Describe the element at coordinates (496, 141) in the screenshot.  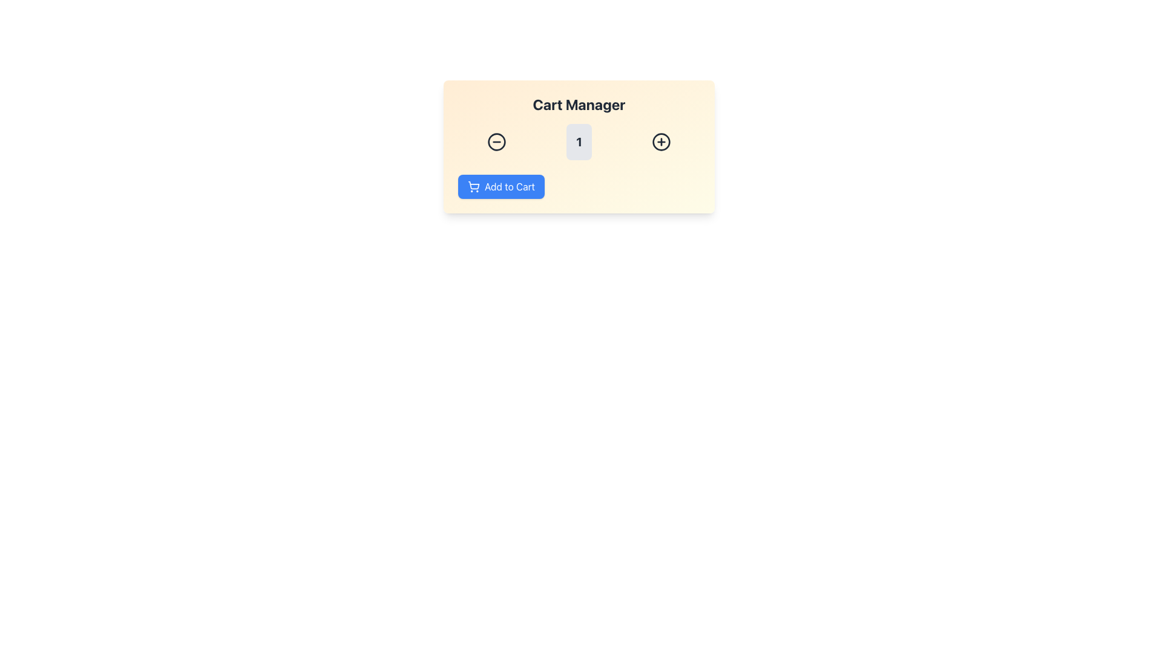
I see `the decrement button located in the top-left quadrant of the 'Cart Manager' interface to trigger a tooltip or highlight effect` at that location.